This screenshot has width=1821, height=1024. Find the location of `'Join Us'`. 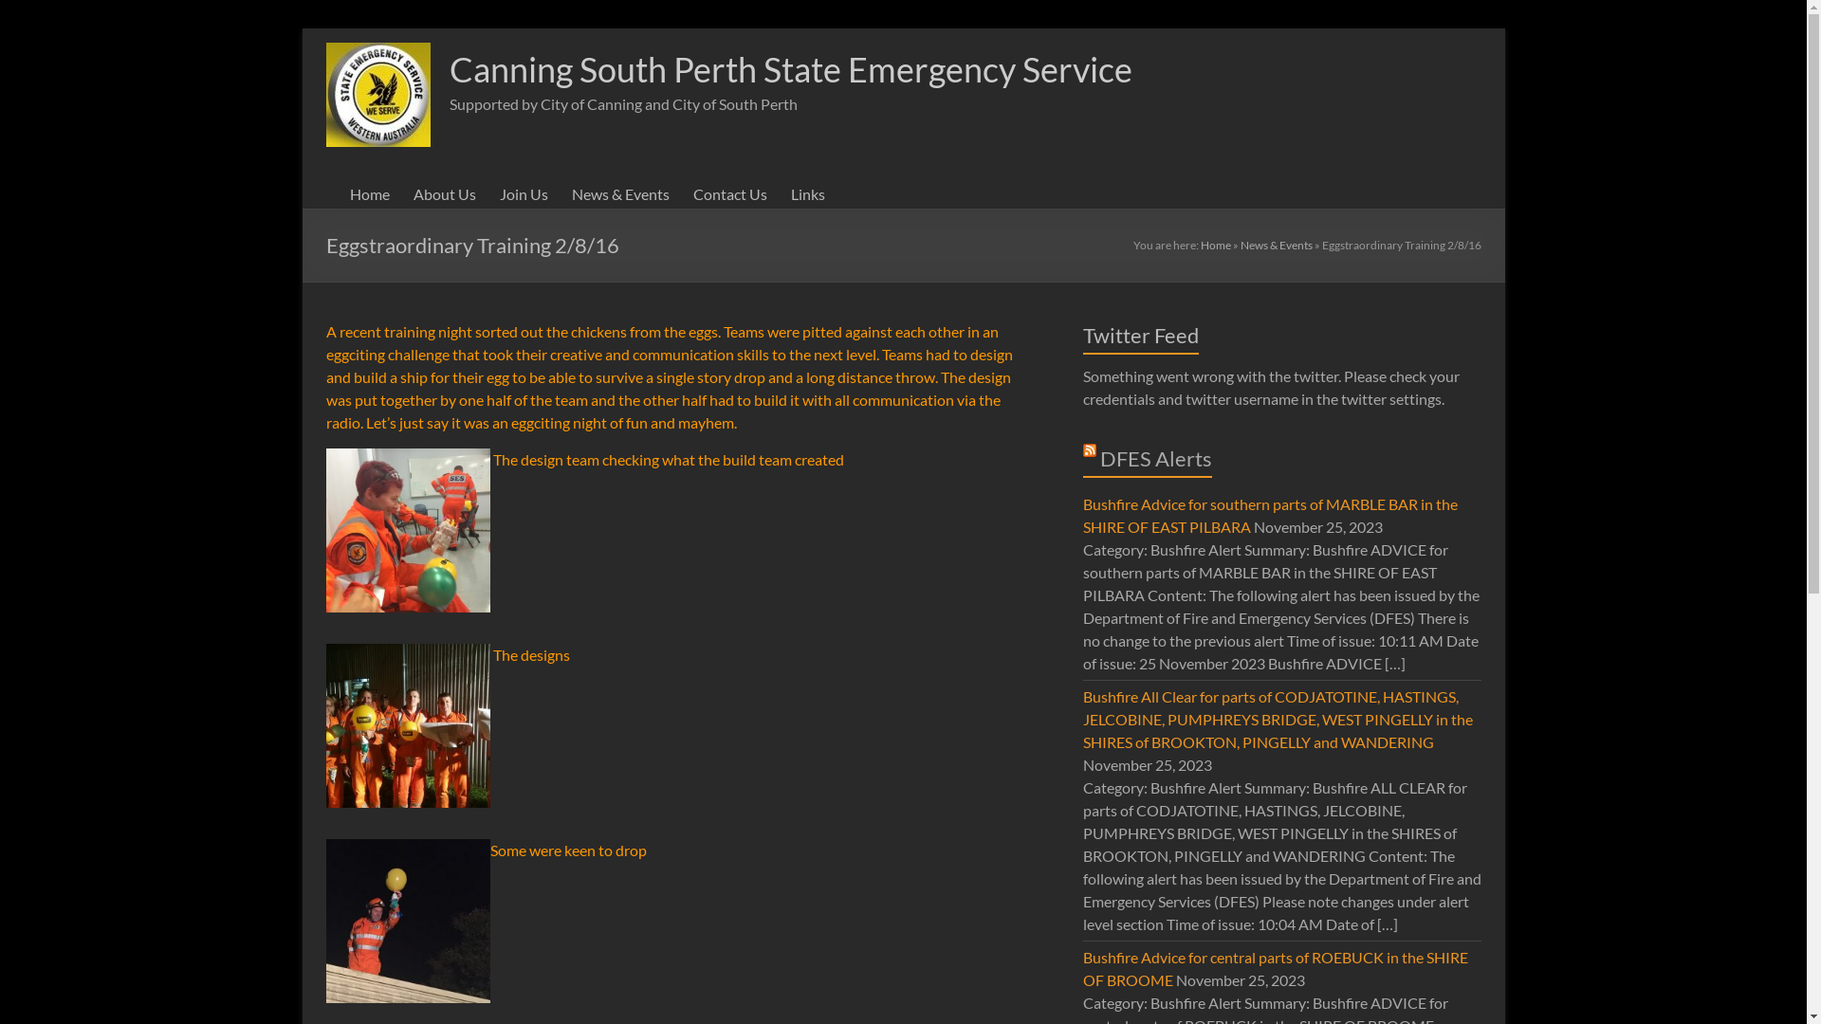

'Join Us' is located at coordinates (523, 193).